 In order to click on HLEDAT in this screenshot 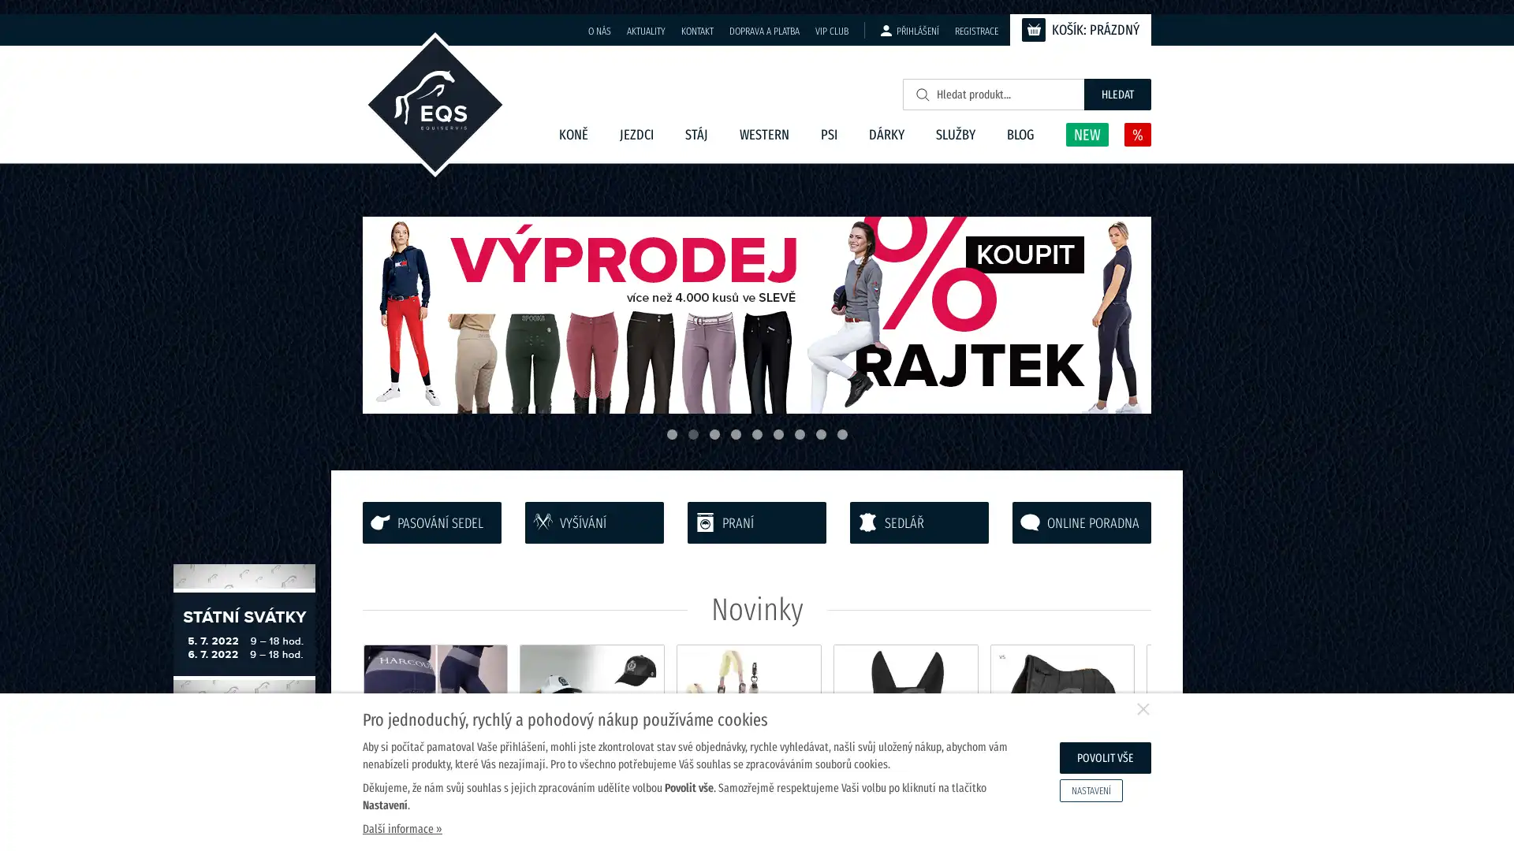, I will do `click(1117, 94)`.